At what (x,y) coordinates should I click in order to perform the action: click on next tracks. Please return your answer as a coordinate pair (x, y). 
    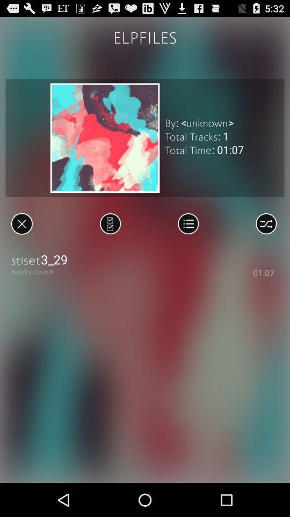
    Looking at the image, I should click on (110, 223).